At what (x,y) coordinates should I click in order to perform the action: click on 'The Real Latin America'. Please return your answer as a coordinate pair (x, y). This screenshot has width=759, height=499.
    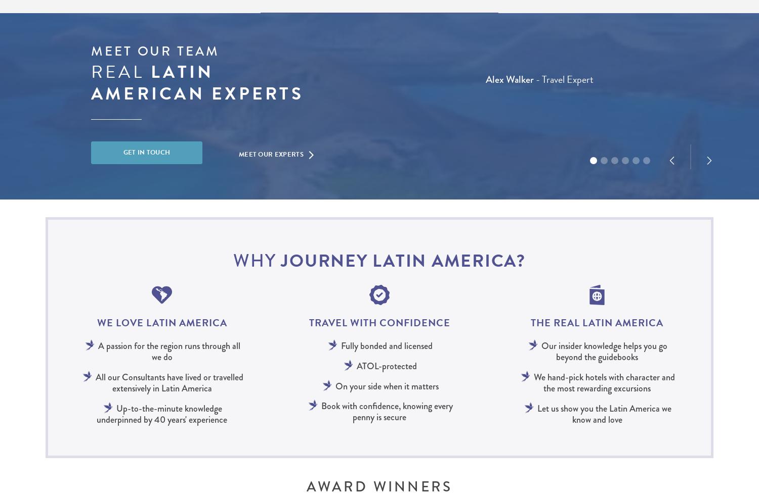
    Looking at the image, I should click on (597, 322).